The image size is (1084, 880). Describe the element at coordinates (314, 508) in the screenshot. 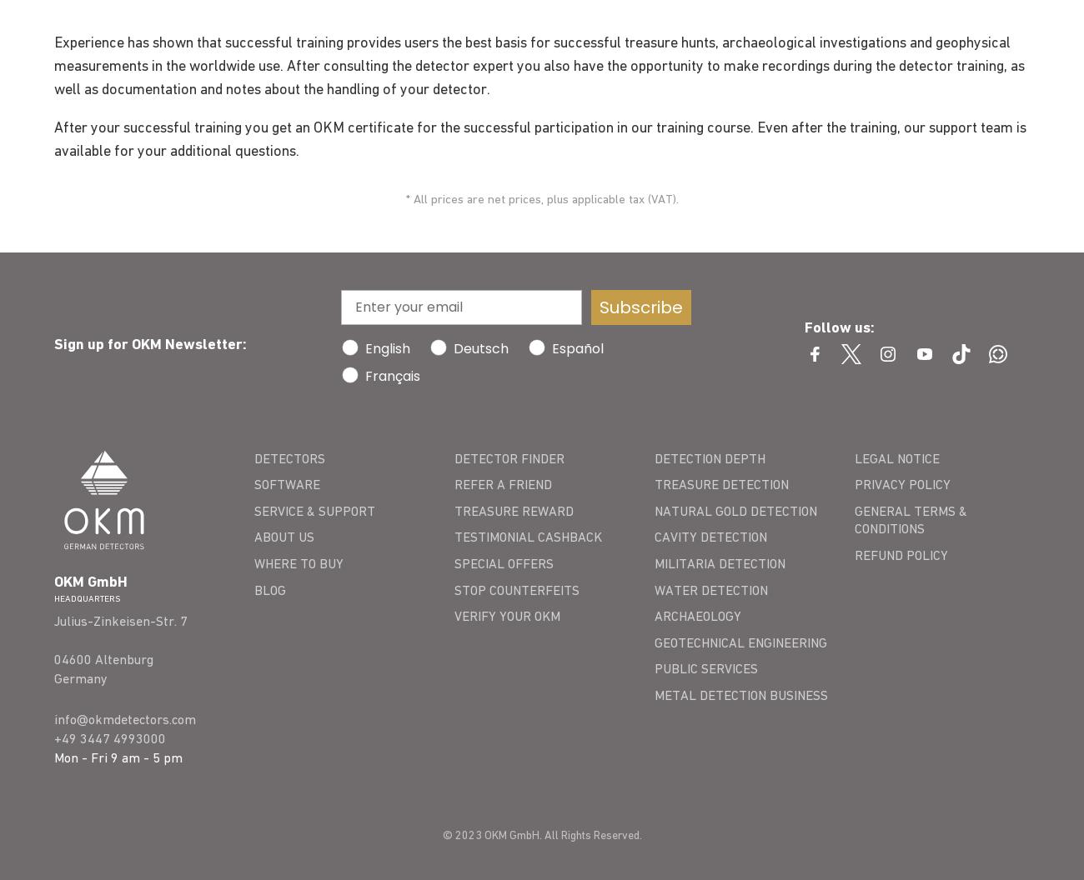

I see `'SERVICE & SUPPORT'` at that location.